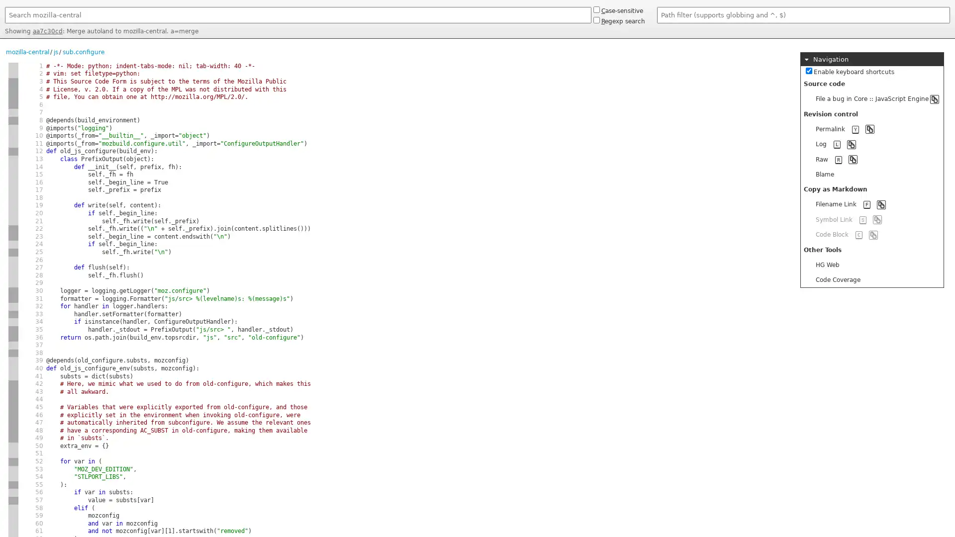 The height and width of the screenshot is (537, 955). Describe the element at coordinates (13, 166) in the screenshot. I see `same hash 6` at that location.